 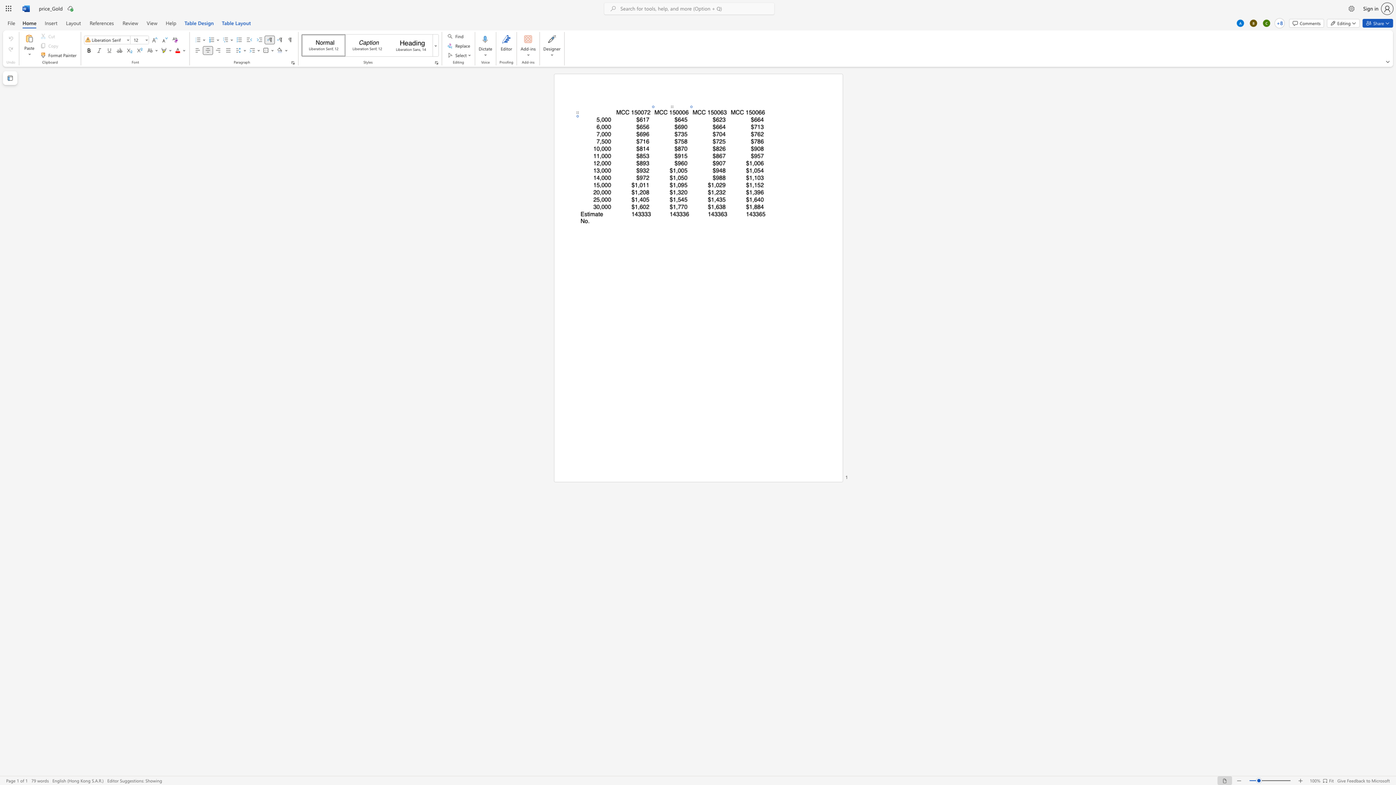 I want to click on the space between the continuous character "C" and "C" in the text, so click(x=739, y=112).